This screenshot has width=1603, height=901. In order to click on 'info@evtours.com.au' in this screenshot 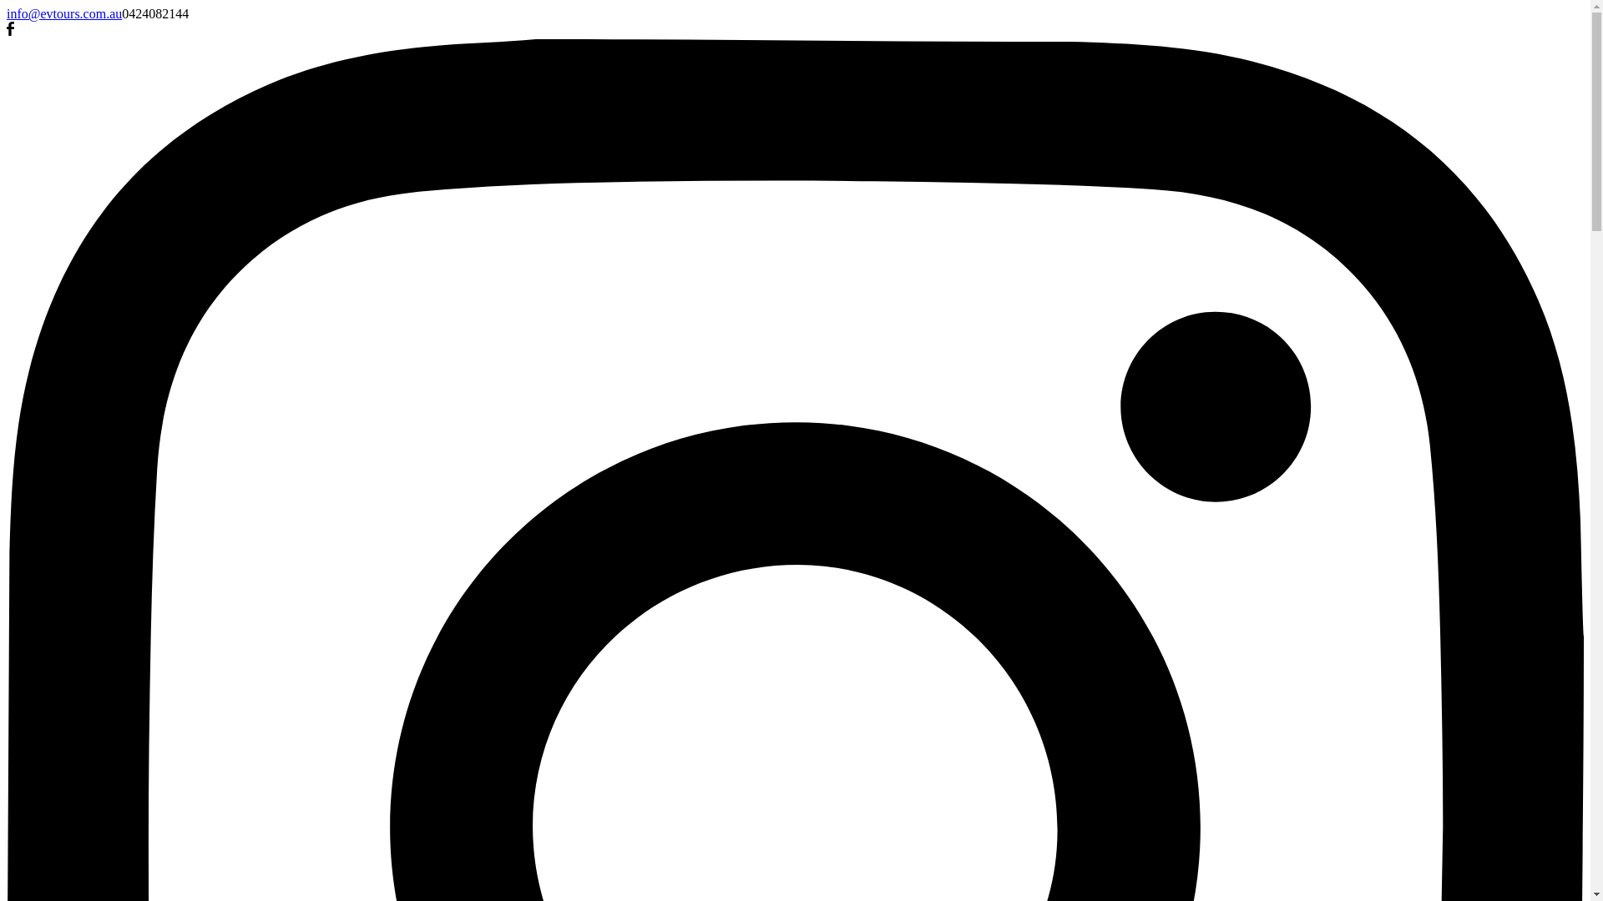, I will do `click(63, 13)`.